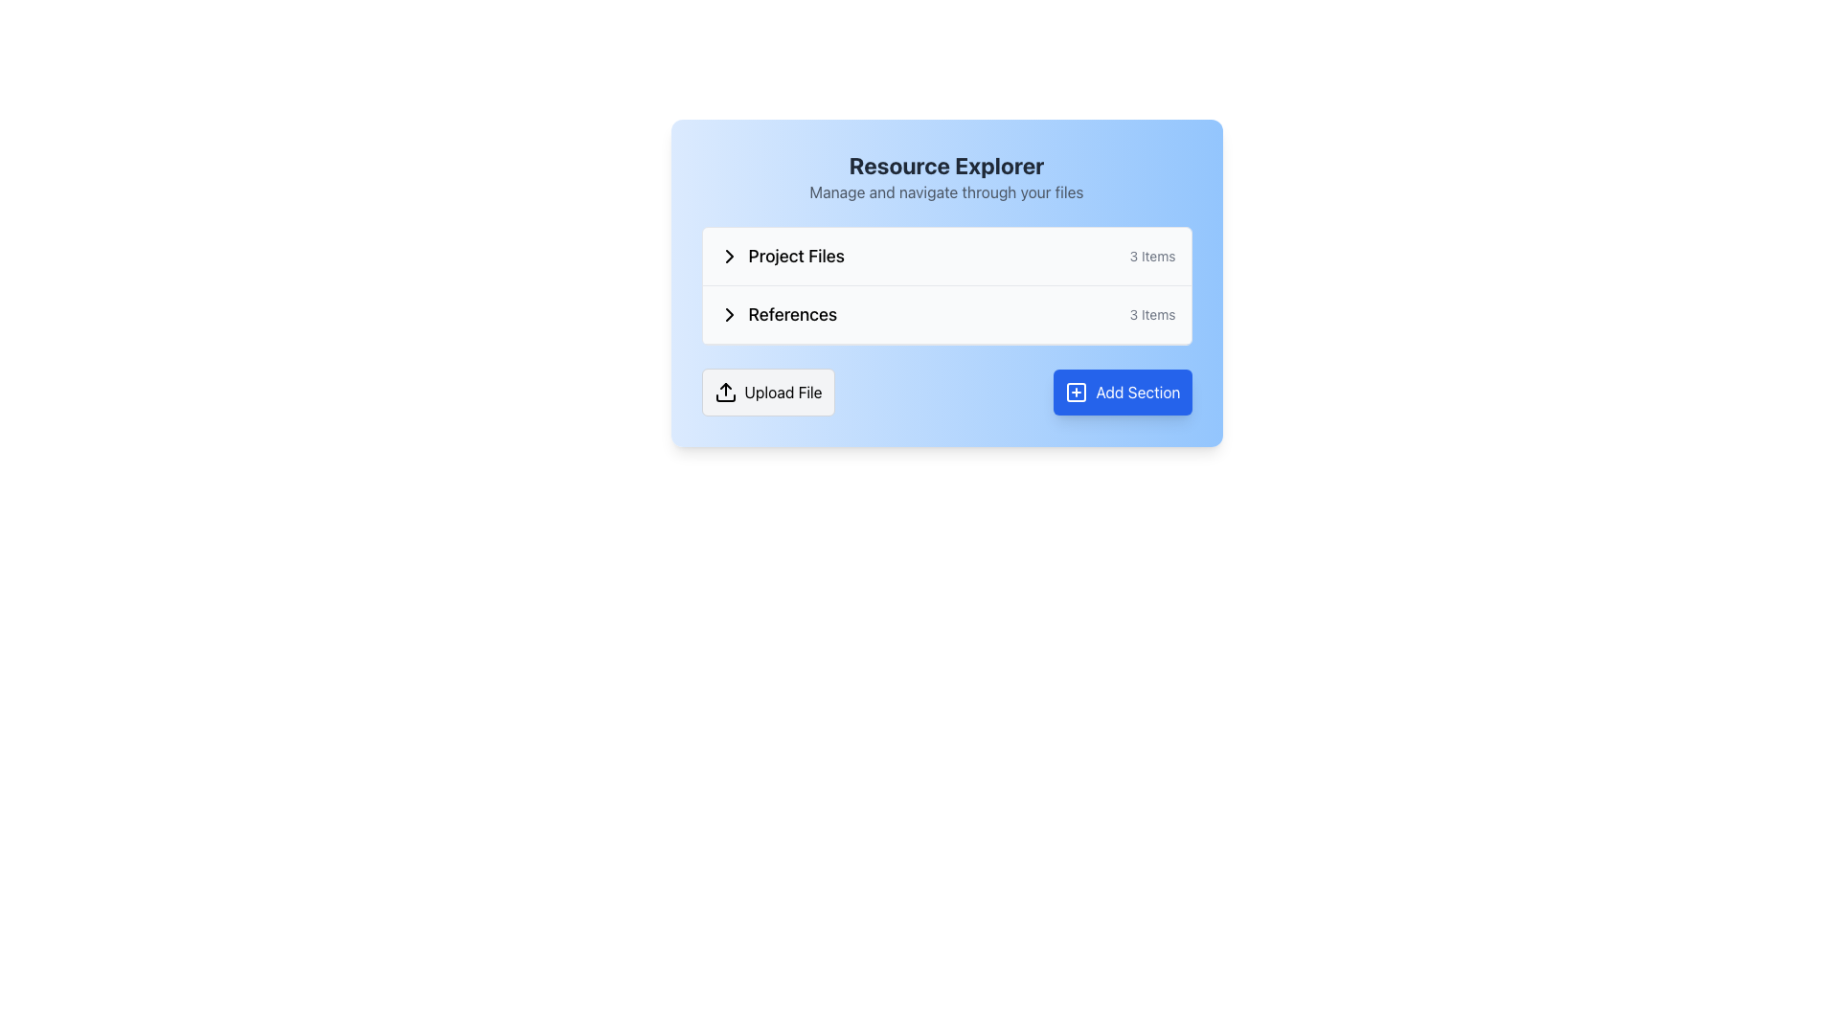 This screenshot has width=1839, height=1034. What do you see at coordinates (728, 313) in the screenshot?
I see `the chevron icon next to the 'References' item in the 'Resource Explorer' list` at bounding box center [728, 313].